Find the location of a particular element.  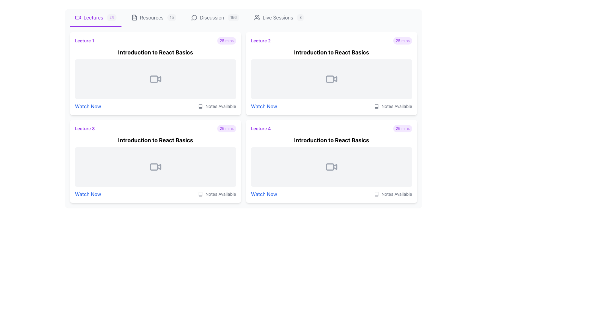

the informational label with an icon and text located in the bottom-right corner of the third card in a 2x2 grid layout is located at coordinates (217, 194).